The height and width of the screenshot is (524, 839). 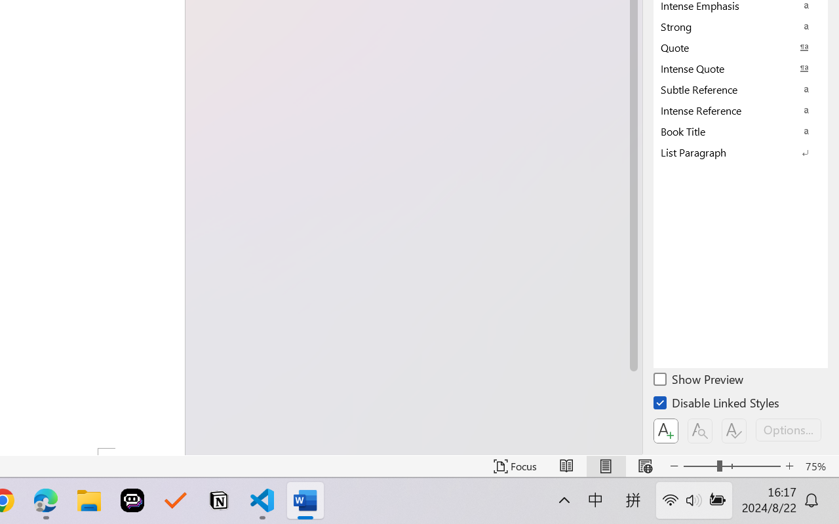 I want to click on 'Class: NetUIButton', so click(x=734, y=430).